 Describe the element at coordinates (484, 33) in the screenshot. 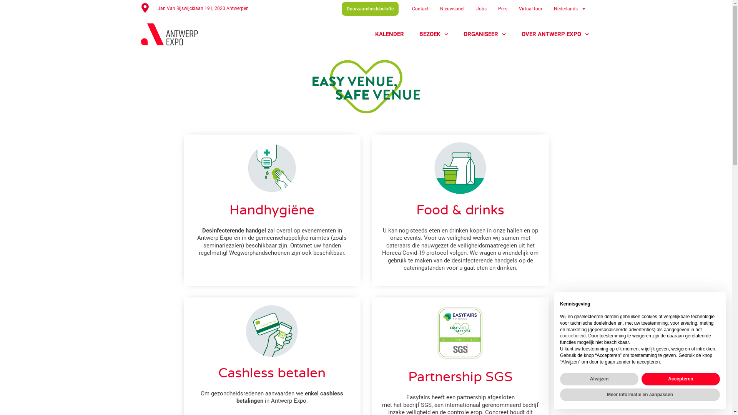

I see `'ORGANISEER'` at that location.